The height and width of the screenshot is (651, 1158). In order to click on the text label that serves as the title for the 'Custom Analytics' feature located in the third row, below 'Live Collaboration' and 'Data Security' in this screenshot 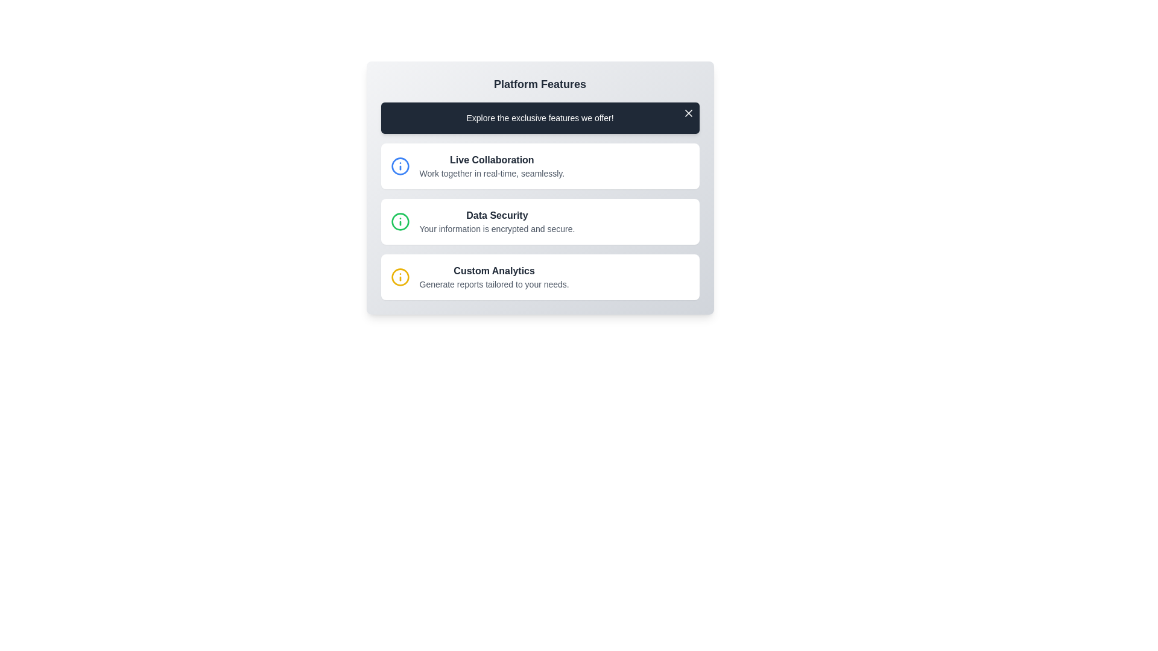, I will do `click(494, 271)`.